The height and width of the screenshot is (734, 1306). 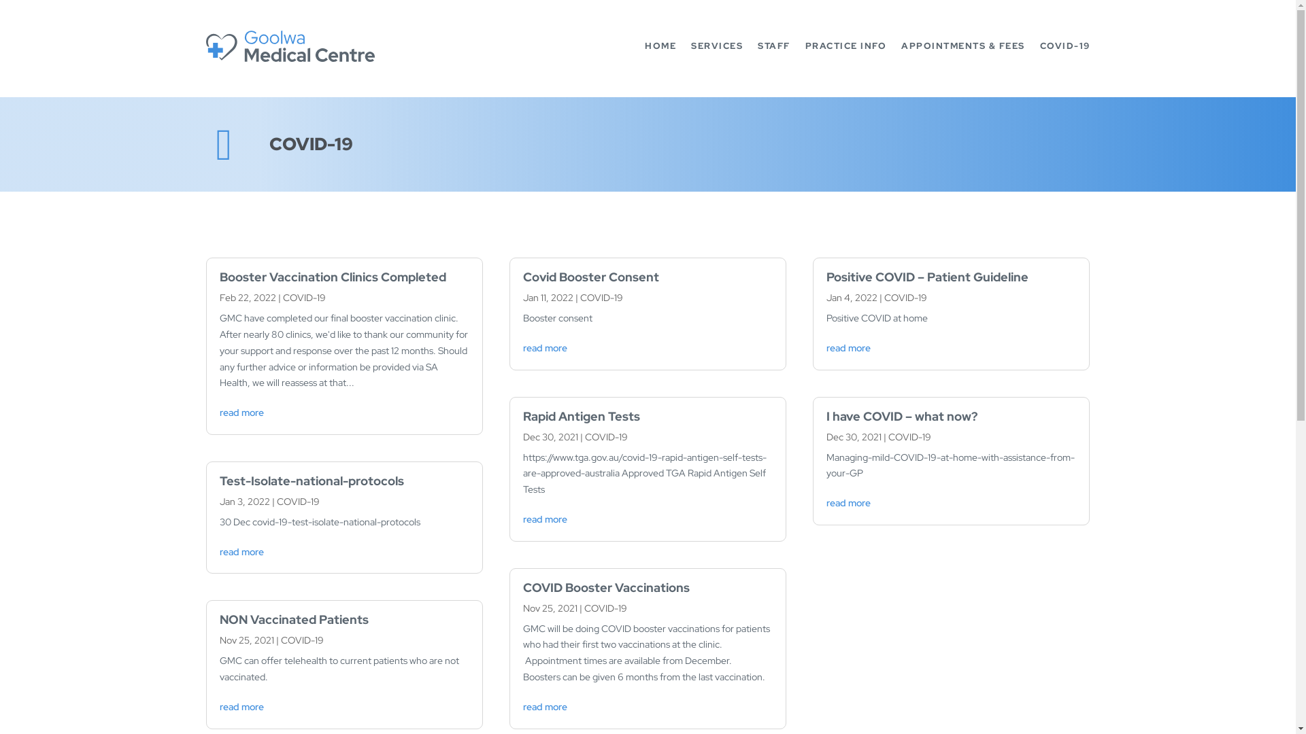 I want to click on 'COVID-19', so click(x=601, y=297).